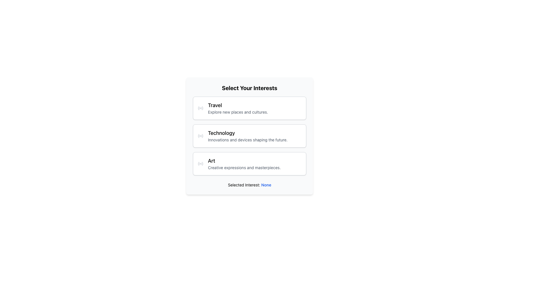 The height and width of the screenshot is (306, 544). What do you see at coordinates (249, 136) in the screenshot?
I see `to select the text block displaying 'Technology' in the selectable list of interests` at bounding box center [249, 136].